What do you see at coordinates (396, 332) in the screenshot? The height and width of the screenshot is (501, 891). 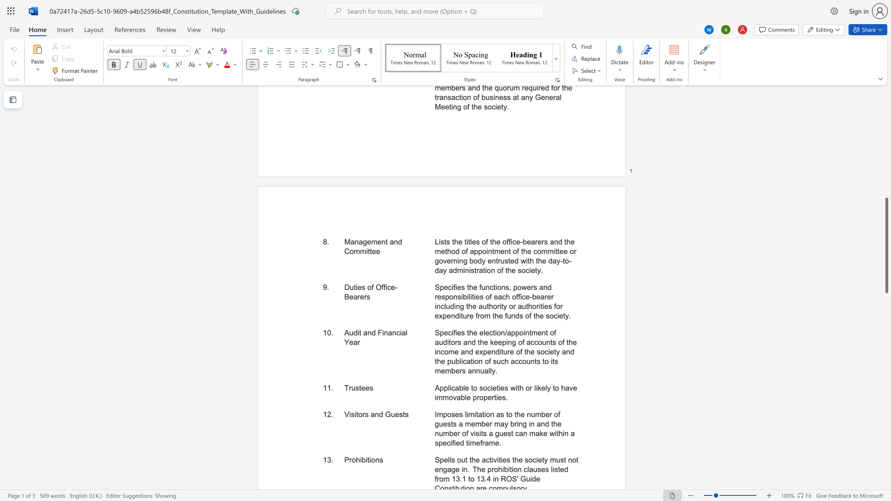 I see `the subset text "cial" within the text "Audit and Financial Year"` at bounding box center [396, 332].